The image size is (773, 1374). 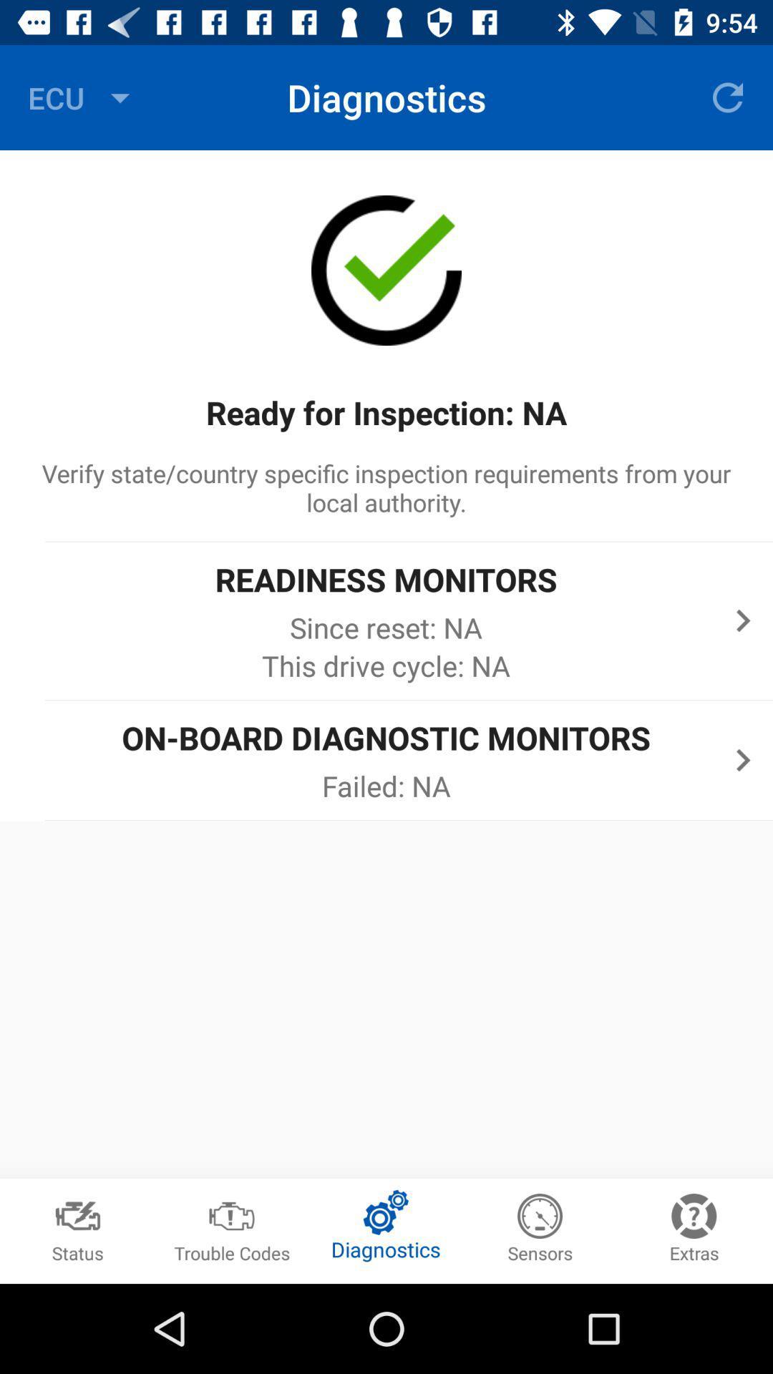 What do you see at coordinates (82, 97) in the screenshot?
I see `icon to the left of diagnostics` at bounding box center [82, 97].